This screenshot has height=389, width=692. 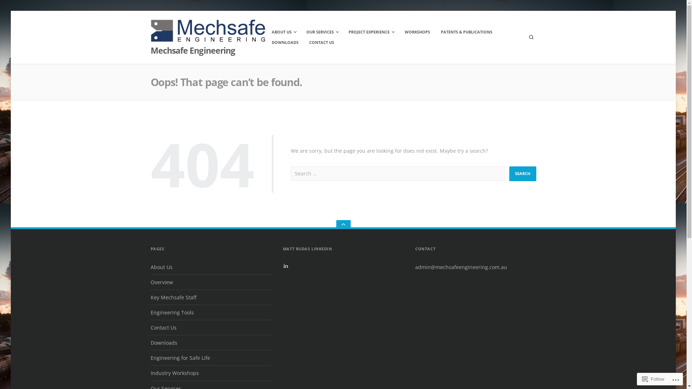 What do you see at coordinates (172, 312) in the screenshot?
I see `'Engineering Tools'` at bounding box center [172, 312].